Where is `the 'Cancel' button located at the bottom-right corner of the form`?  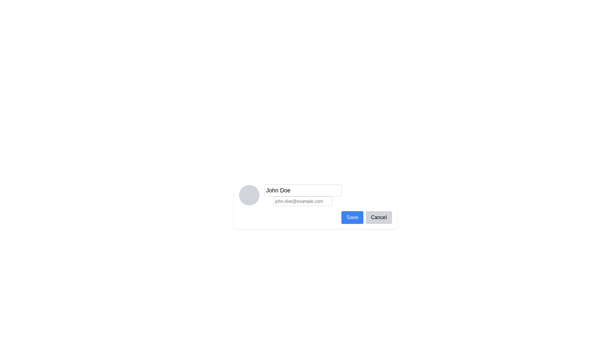 the 'Cancel' button located at the bottom-right corner of the form is located at coordinates (379, 217).